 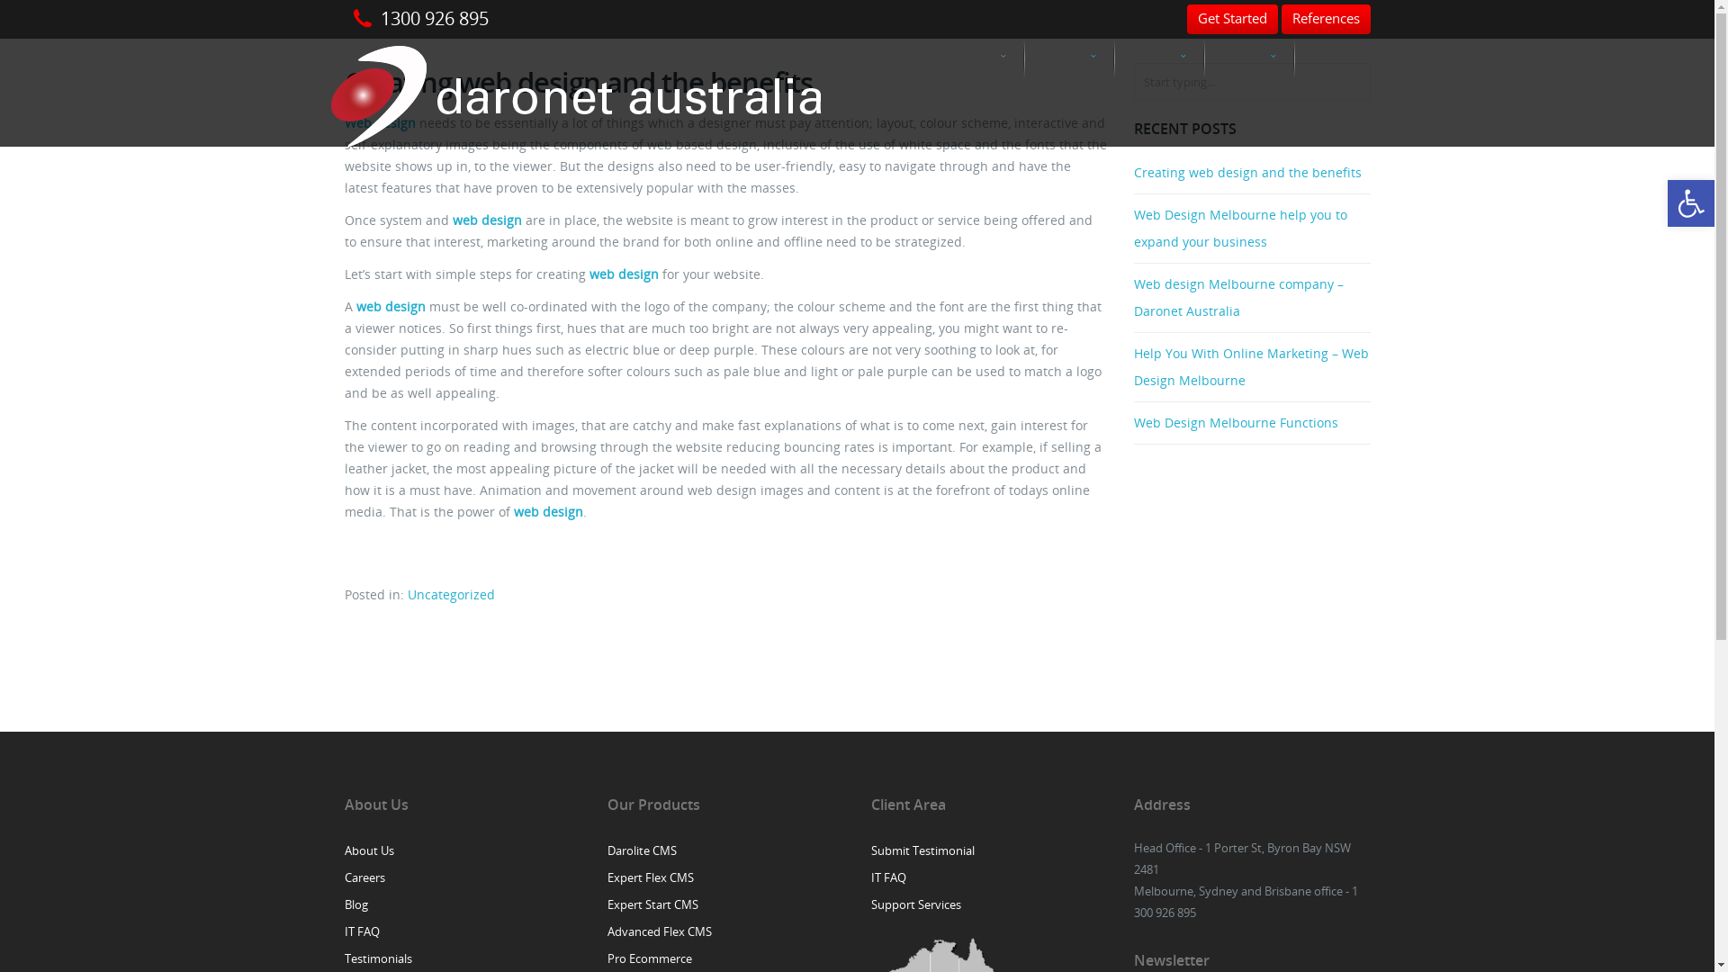 I want to click on 'Contact', so click(x=1339, y=58).